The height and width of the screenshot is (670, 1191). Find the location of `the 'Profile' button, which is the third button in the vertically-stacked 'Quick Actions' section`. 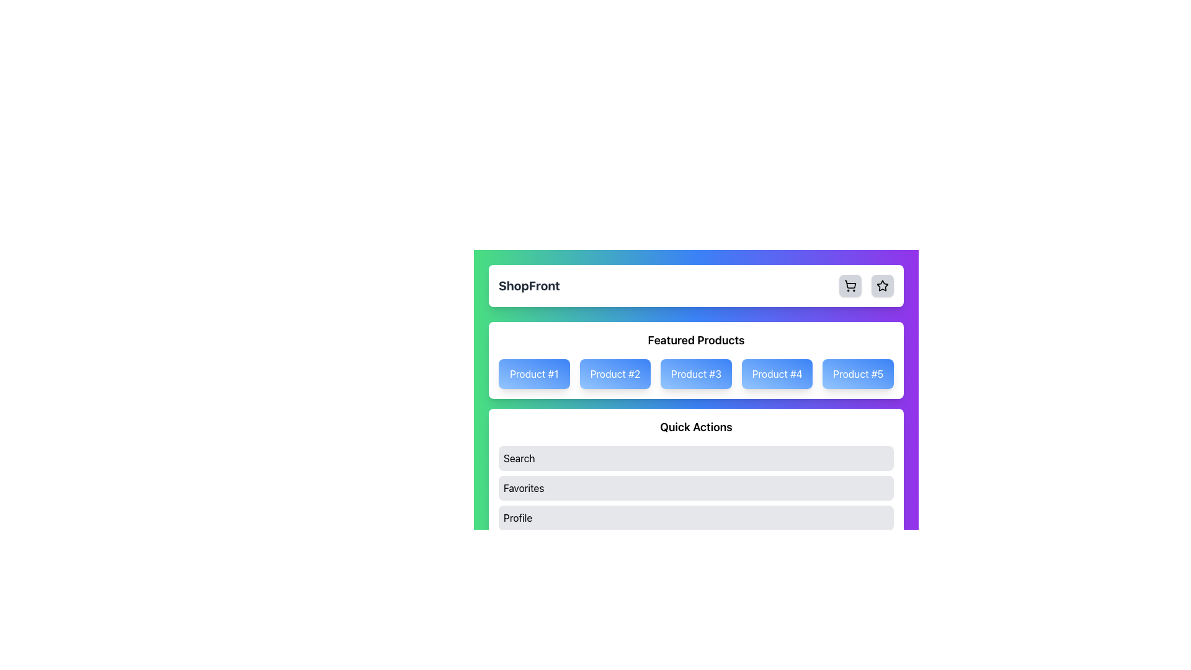

the 'Profile' button, which is the third button in the vertically-stacked 'Quick Actions' section is located at coordinates (696, 517).